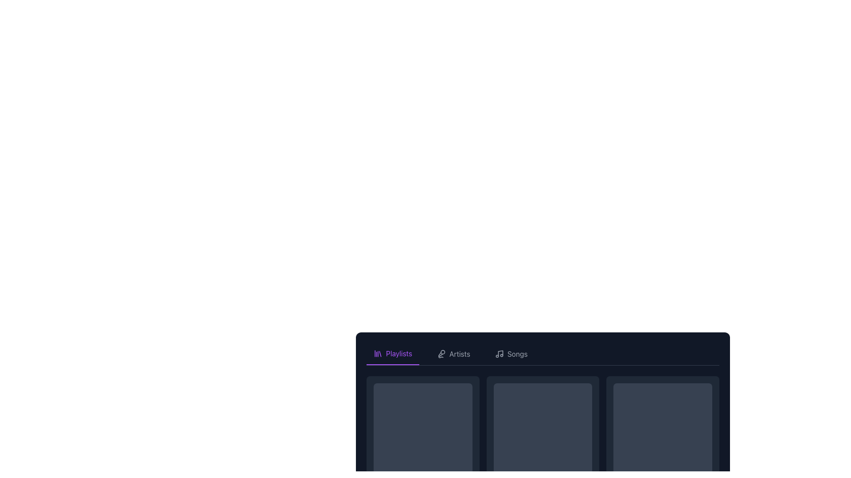 Image resolution: width=851 pixels, height=478 pixels. What do you see at coordinates (378, 353) in the screenshot?
I see `the purple library icon located to the left of the 'Playlists' label in the menu section at the top-left corner of the interface` at bounding box center [378, 353].